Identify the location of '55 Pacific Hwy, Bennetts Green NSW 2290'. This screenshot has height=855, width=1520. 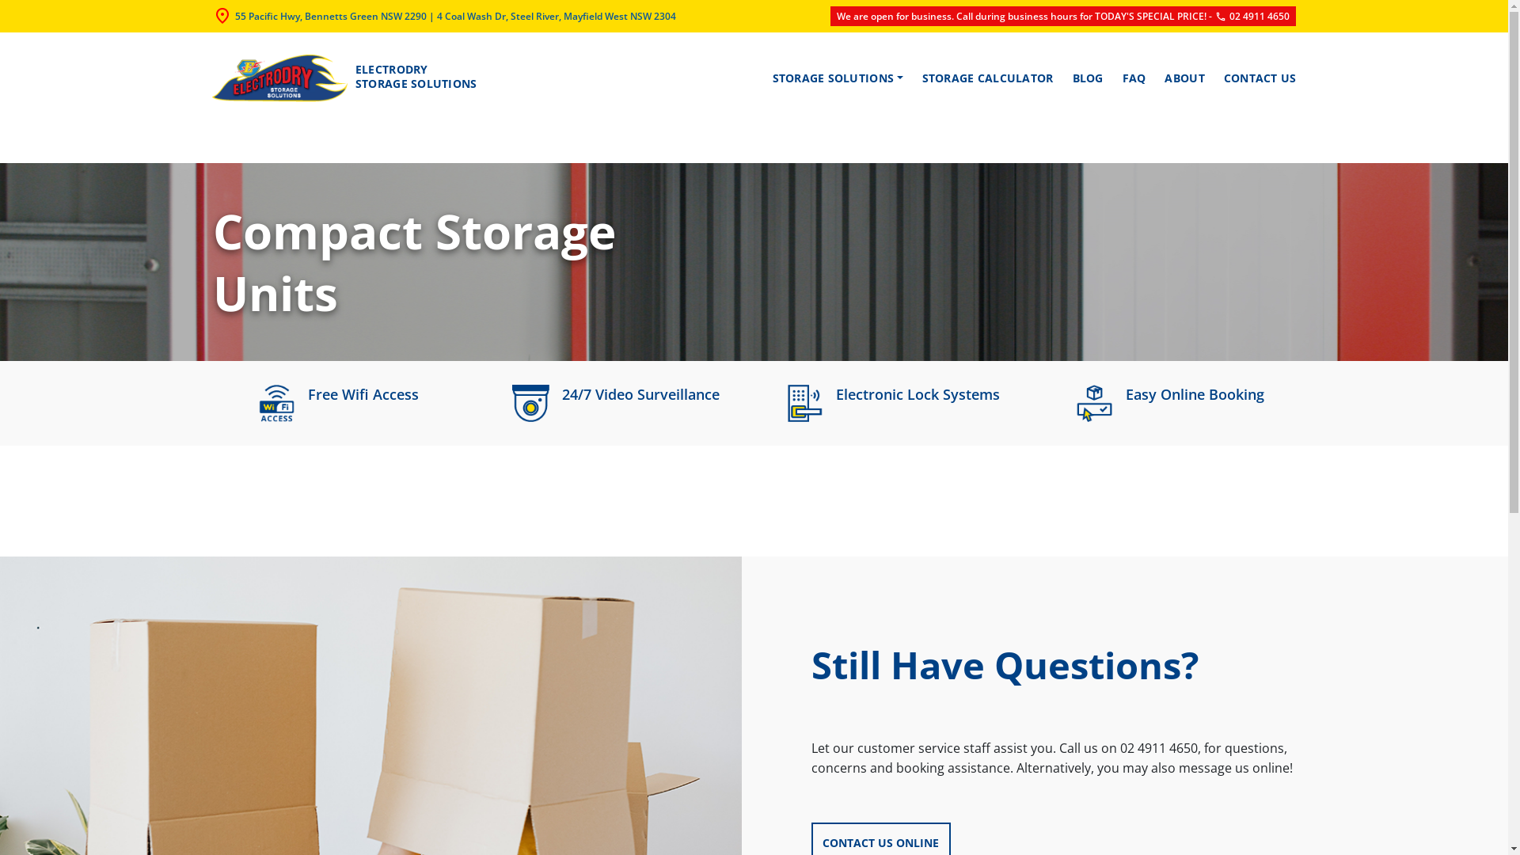
(329, 16).